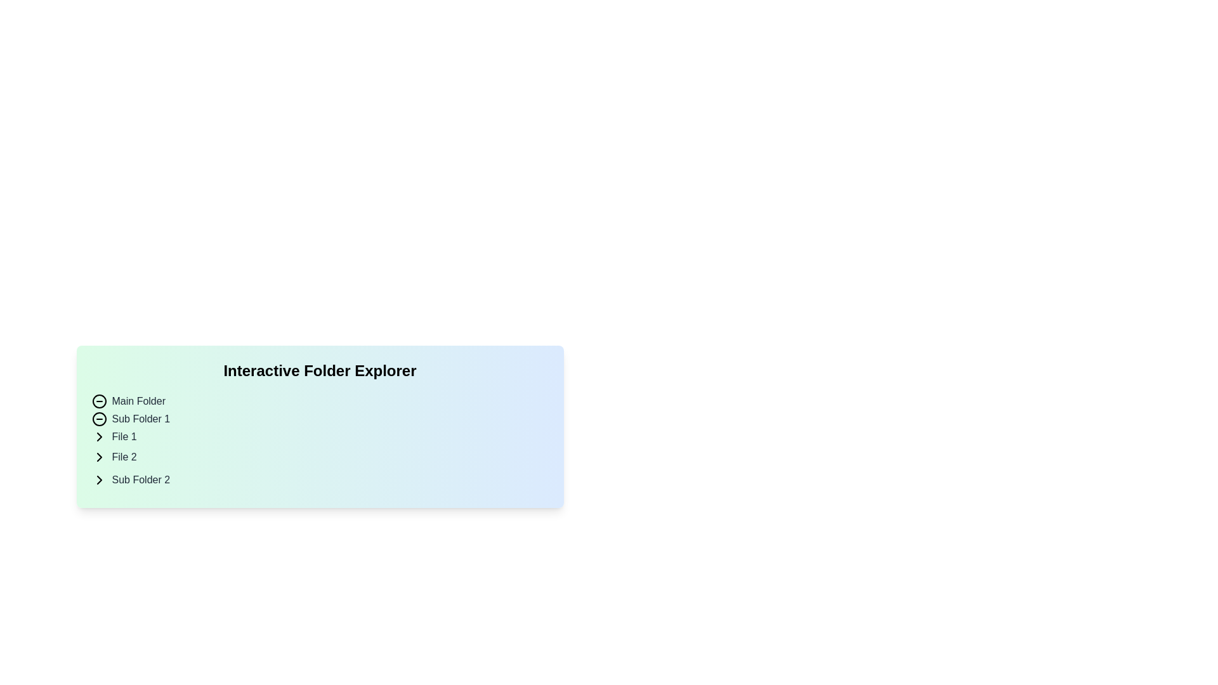 The image size is (1218, 685). Describe the element at coordinates (141, 480) in the screenshot. I see `the Text Label indicating 'Sub Folder 2' located in the 'Interactive Folder Explorer' section, positioned below 'File 2' and to the right of a chevron icon` at that location.